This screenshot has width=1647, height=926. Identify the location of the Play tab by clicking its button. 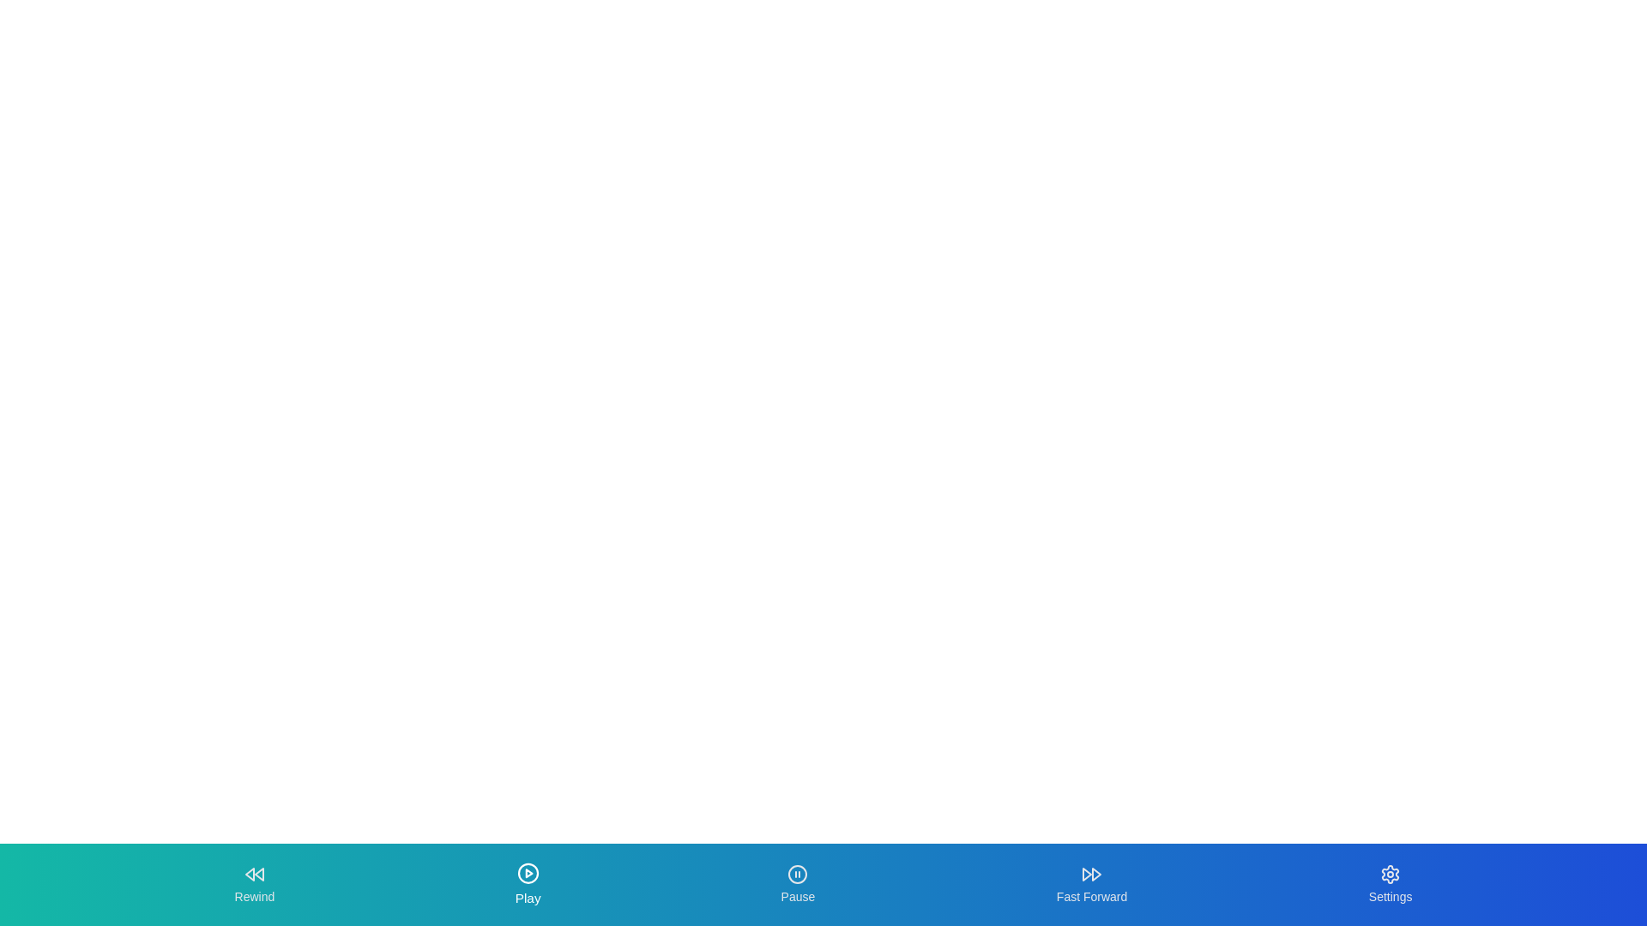
(527, 885).